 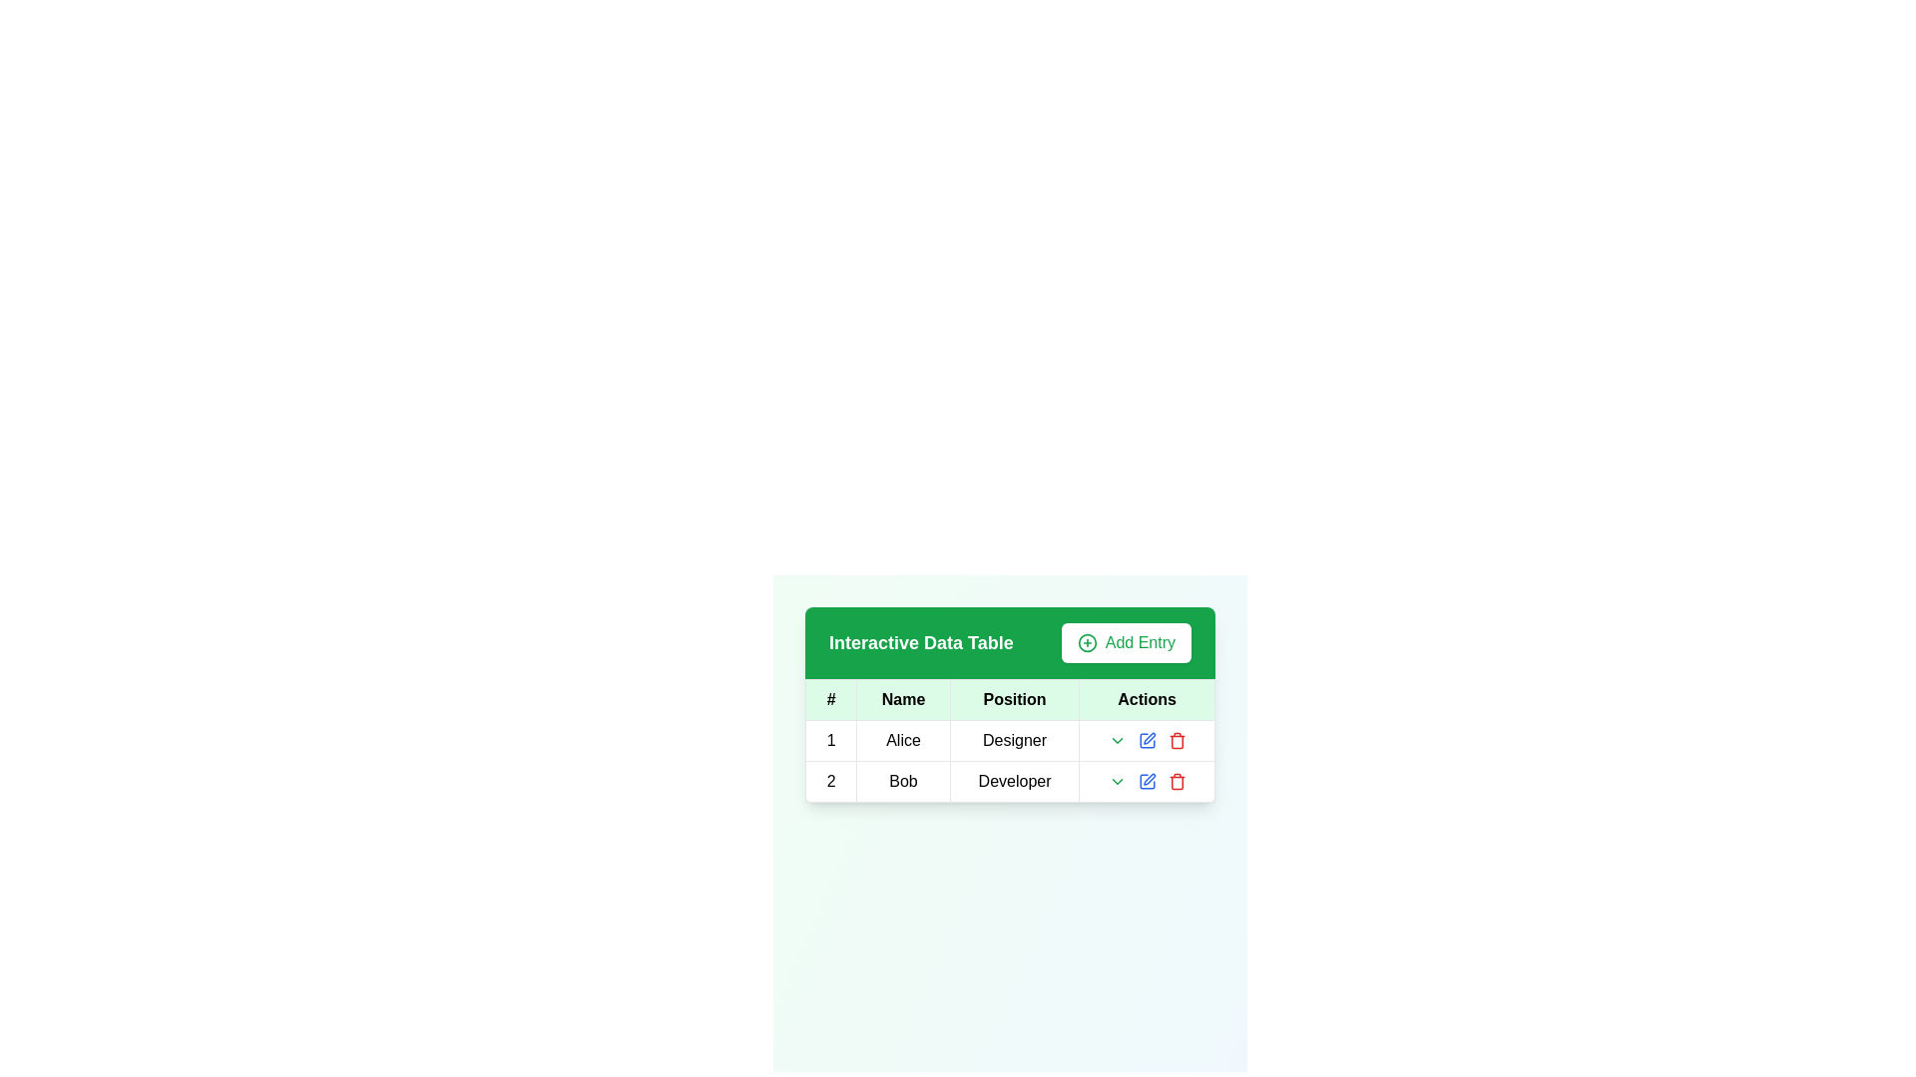 What do you see at coordinates (1147, 741) in the screenshot?
I see `the blue pencil icon in the Row action control group for the 'Designer' position under 'Alice' in the 'Interactive Data Table'` at bounding box center [1147, 741].